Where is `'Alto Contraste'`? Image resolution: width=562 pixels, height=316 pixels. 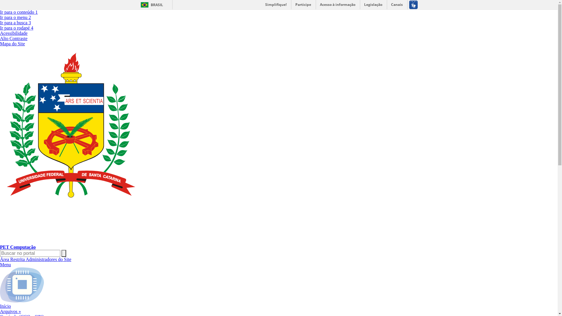
'Alto Contraste' is located at coordinates (0, 38).